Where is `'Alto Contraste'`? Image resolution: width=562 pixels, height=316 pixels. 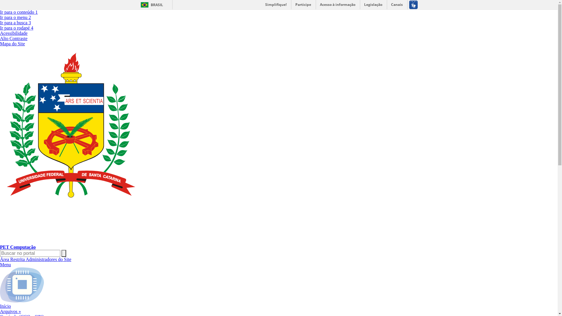
'Alto Contraste' is located at coordinates (0, 38).